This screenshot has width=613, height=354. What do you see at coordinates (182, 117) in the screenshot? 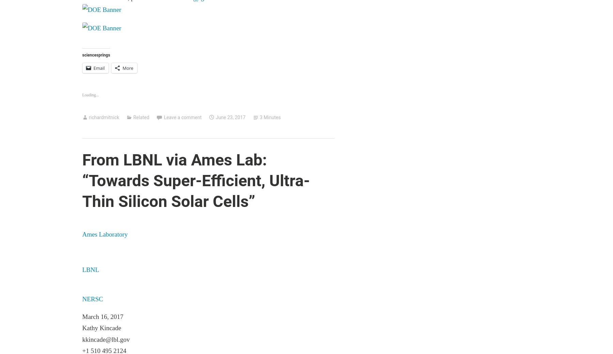
I see `'Leave a comment'` at bounding box center [182, 117].